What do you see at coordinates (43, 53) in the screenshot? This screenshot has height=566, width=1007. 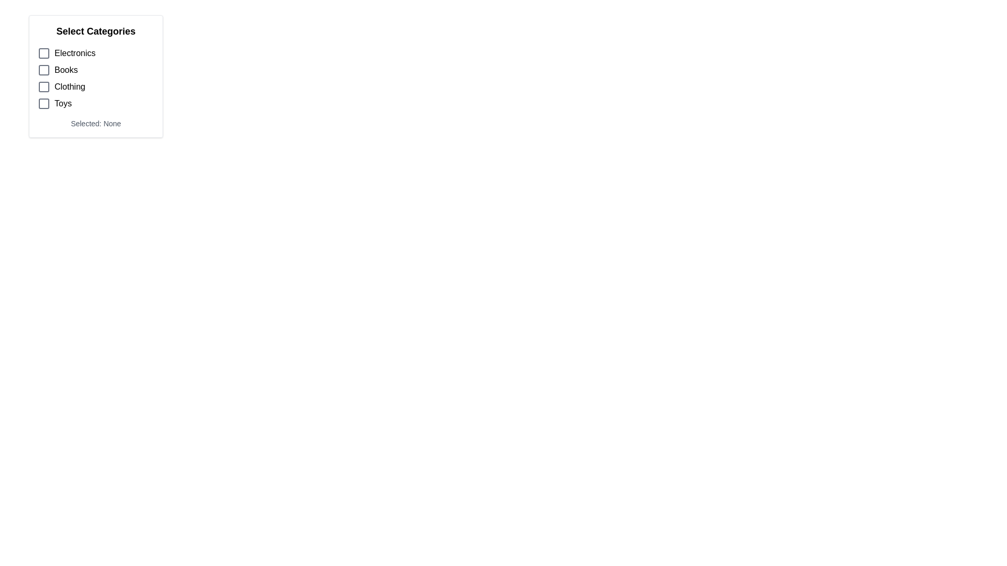 I see `the checkbox for the 'Electronics' category located at the top-left of the 'Select Categories' card` at bounding box center [43, 53].